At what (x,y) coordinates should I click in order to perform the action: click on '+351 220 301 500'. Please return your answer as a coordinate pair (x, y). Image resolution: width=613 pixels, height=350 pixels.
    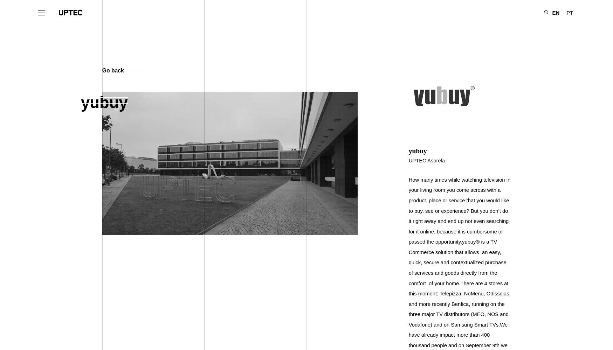
    Looking at the image, I should click on (436, 320).